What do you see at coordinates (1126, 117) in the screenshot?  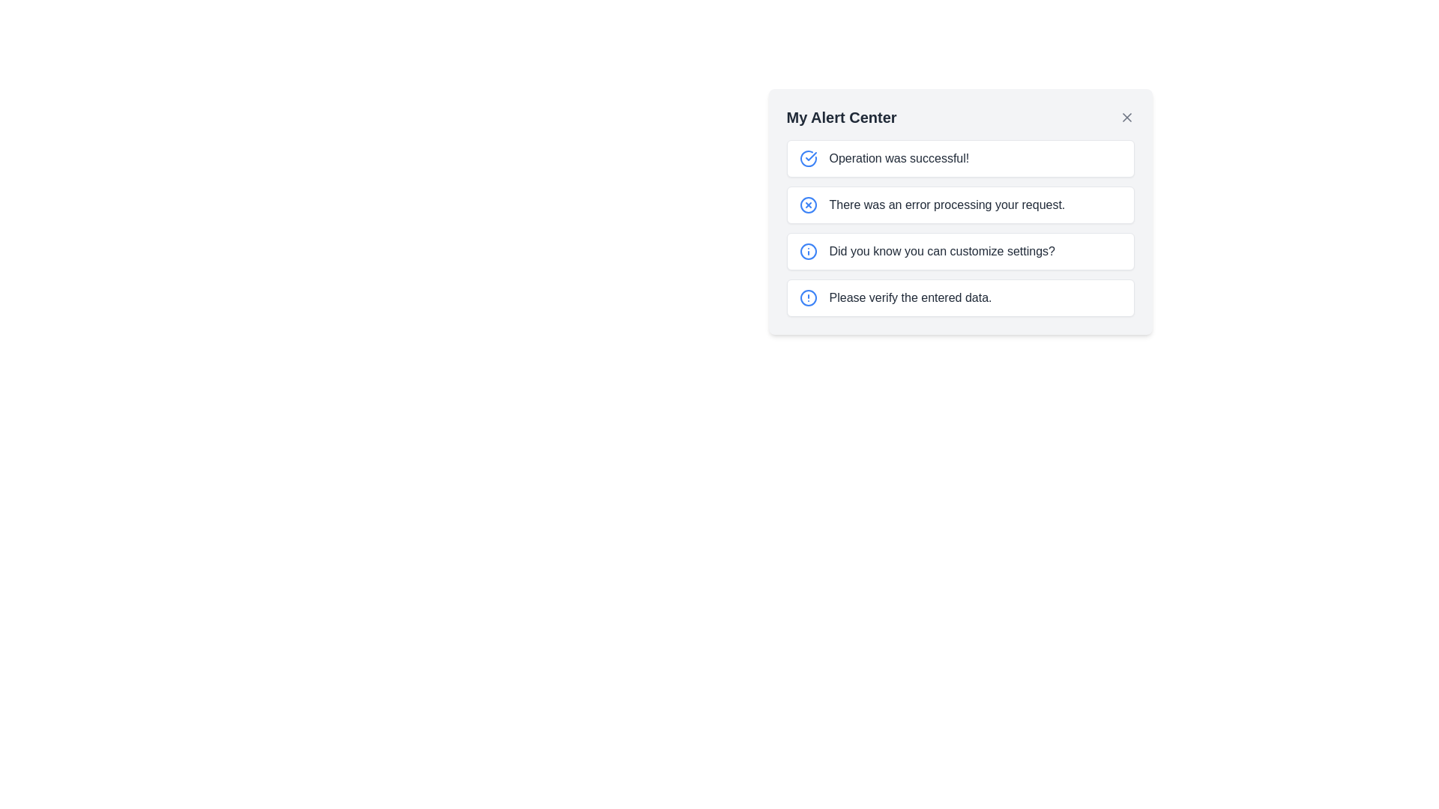 I see `the small circular button with an 'X' icon in the top-right corner of the 'My Alert Center'` at bounding box center [1126, 117].